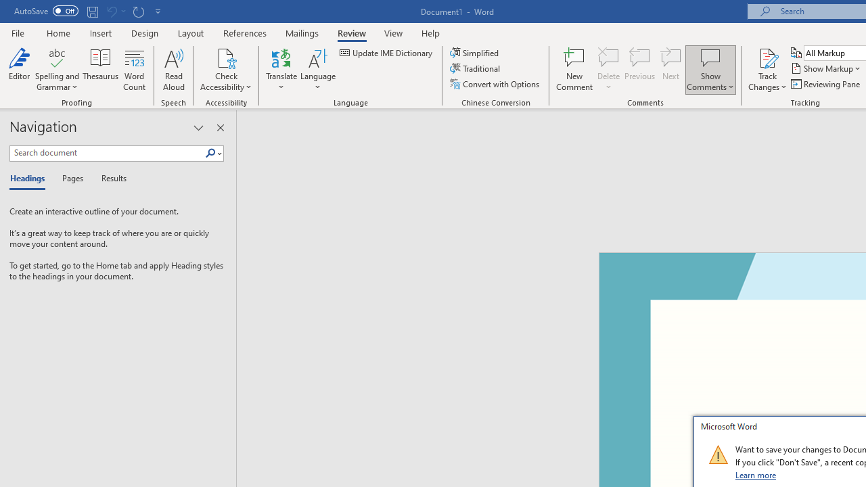 Image resolution: width=866 pixels, height=487 pixels. I want to click on 'Show Markup', so click(826, 68).